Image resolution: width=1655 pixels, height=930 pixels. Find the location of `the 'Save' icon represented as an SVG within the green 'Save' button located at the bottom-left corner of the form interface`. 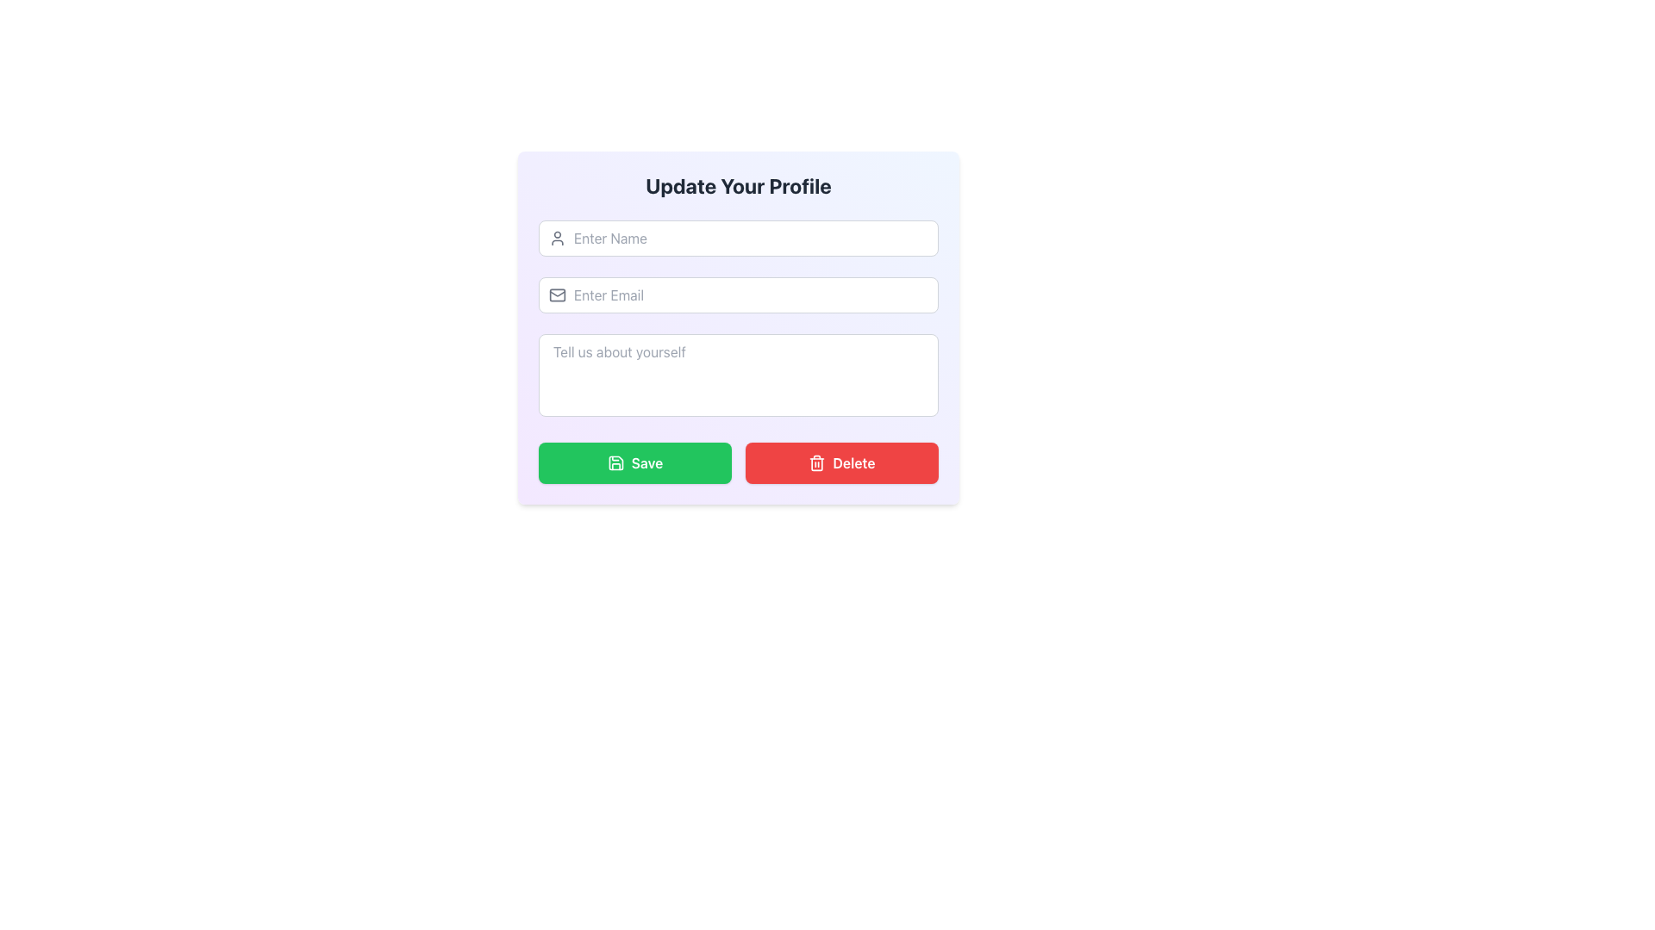

the 'Save' icon represented as an SVG within the green 'Save' button located at the bottom-left corner of the form interface is located at coordinates (615, 462).